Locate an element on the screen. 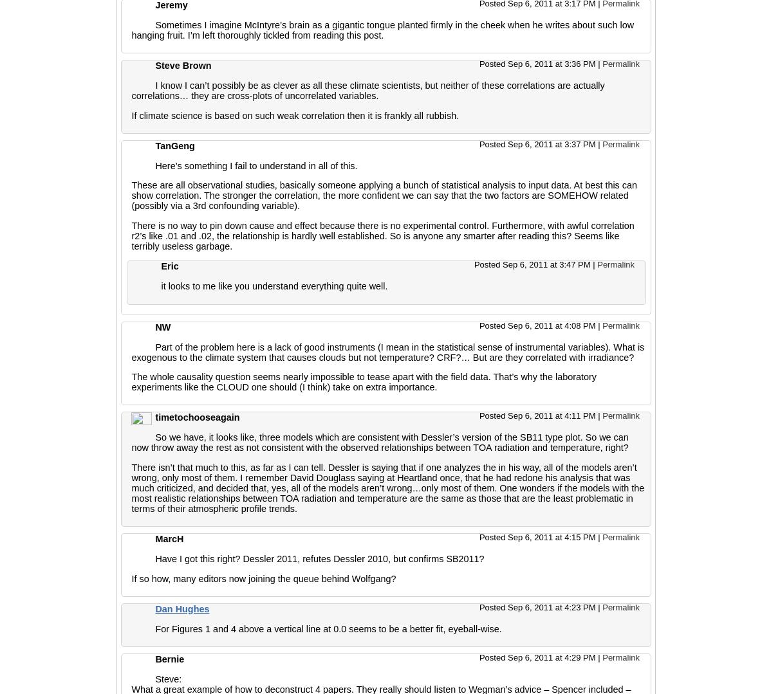  'Posted Sep 6, 2011 at 4:15 PM' is located at coordinates (479, 537).